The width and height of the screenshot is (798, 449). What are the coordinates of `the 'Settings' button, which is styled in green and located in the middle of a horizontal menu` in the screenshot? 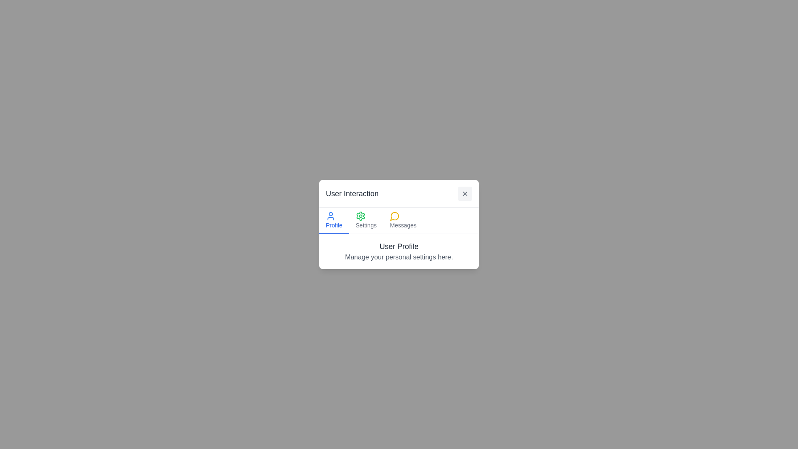 It's located at (366, 220).